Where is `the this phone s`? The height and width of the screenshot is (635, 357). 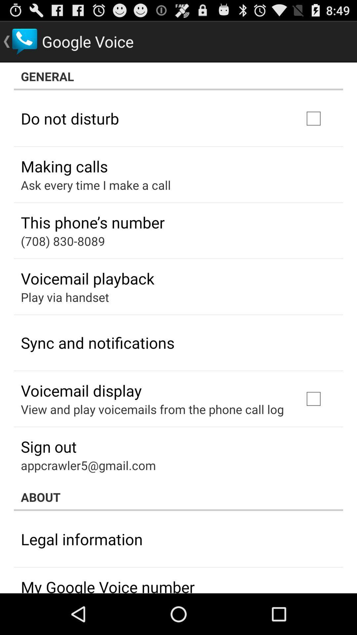
the this phone s is located at coordinates (93, 222).